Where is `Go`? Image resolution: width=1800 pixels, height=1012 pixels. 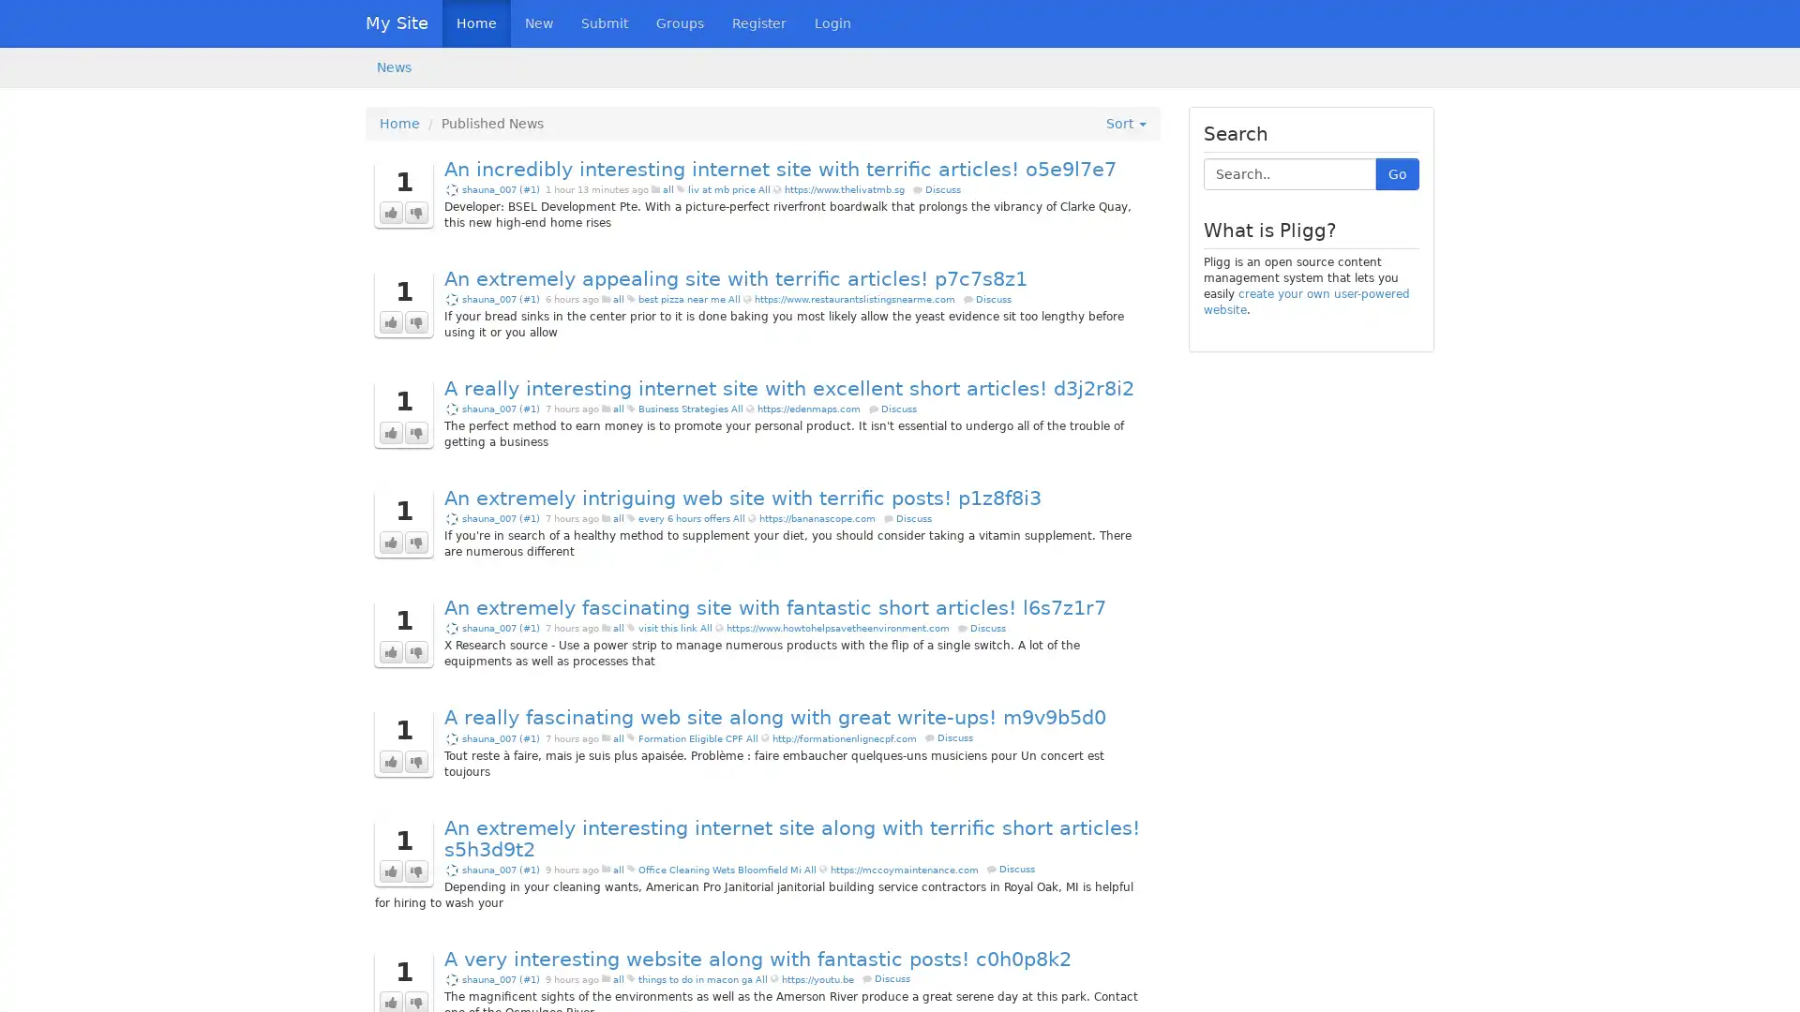 Go is located at coordinates (1398, 173).